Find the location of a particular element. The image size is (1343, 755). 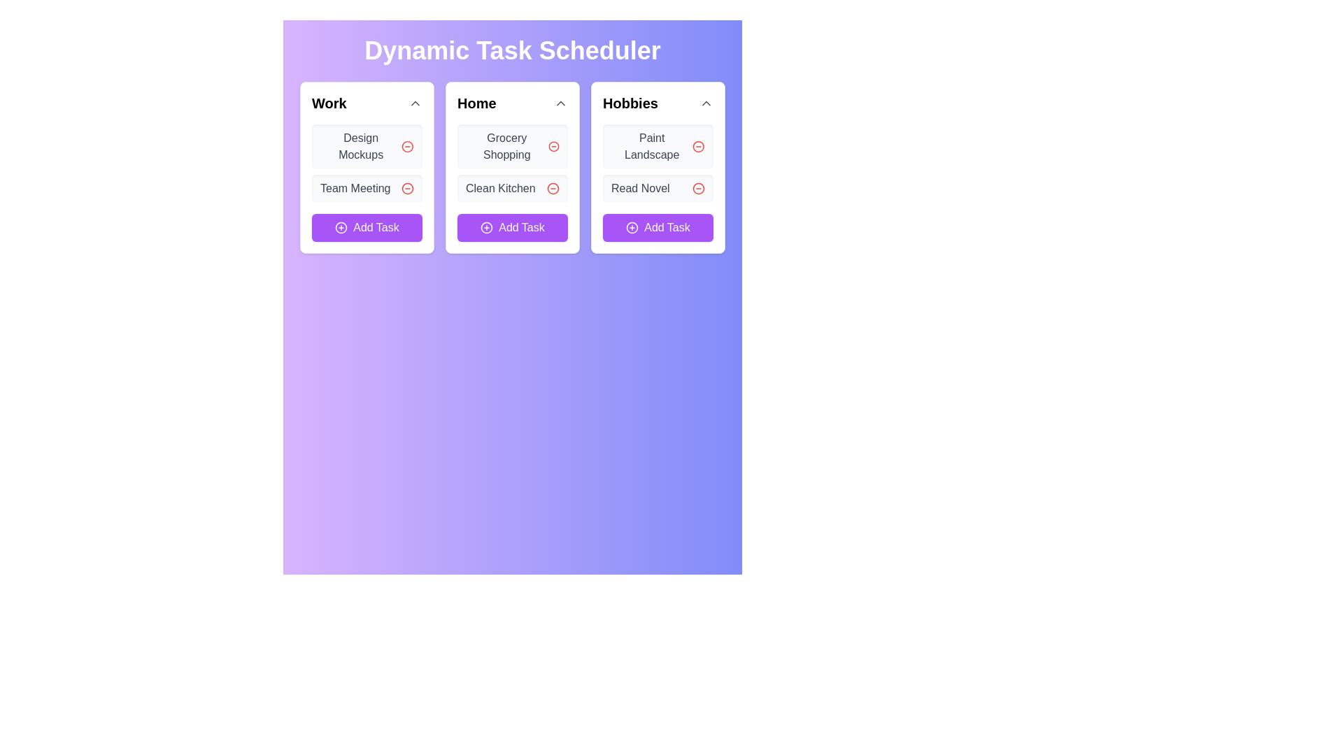

the button that allows users to add a new task to the 'Home' section, located at the bottom beneath 'Grocery Shopping' and 'Clean Kitchen' is located at coordinates (512, 227).